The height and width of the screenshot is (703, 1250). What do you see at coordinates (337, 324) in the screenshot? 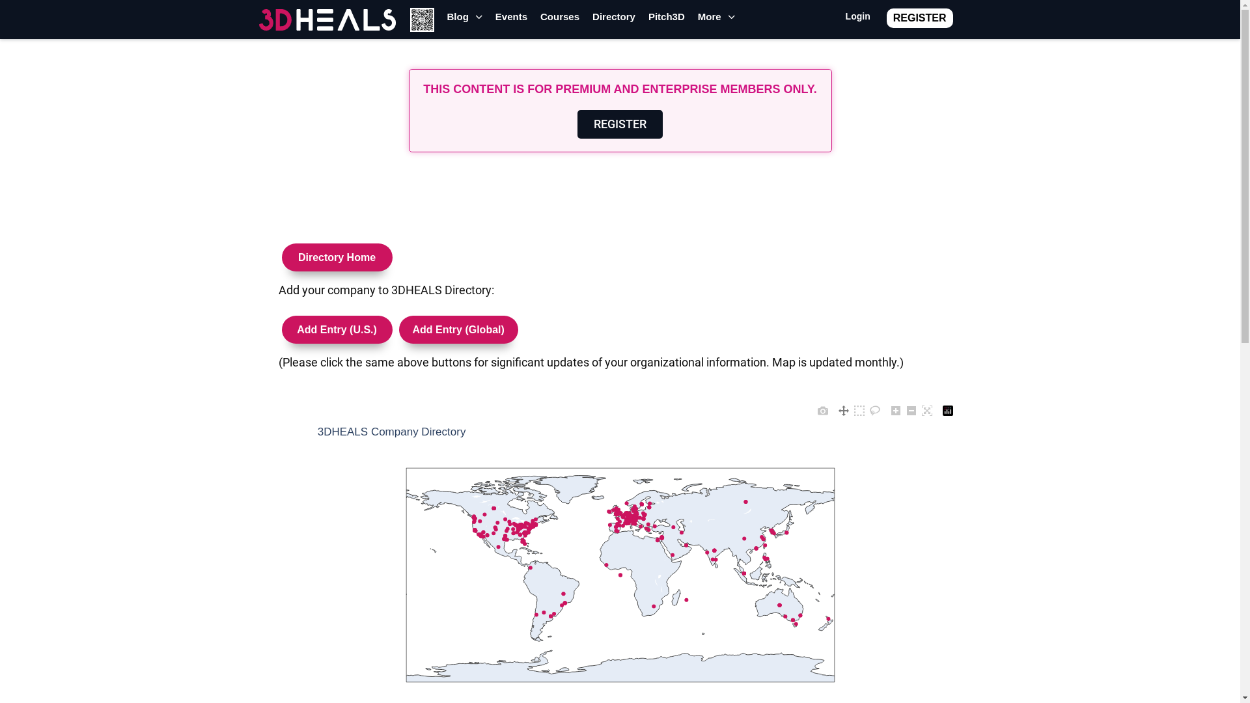
I see `'Add Entry (U.S.)'` at bounding box center [337, 324].